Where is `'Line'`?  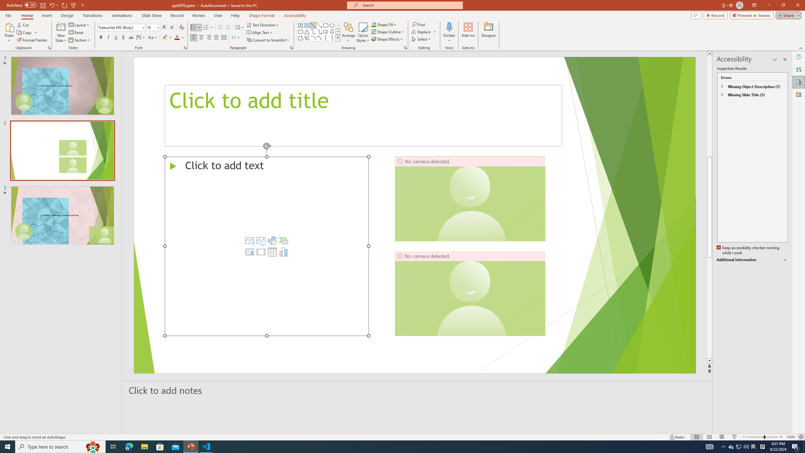 'Line' is located at coordinates (313, 25).